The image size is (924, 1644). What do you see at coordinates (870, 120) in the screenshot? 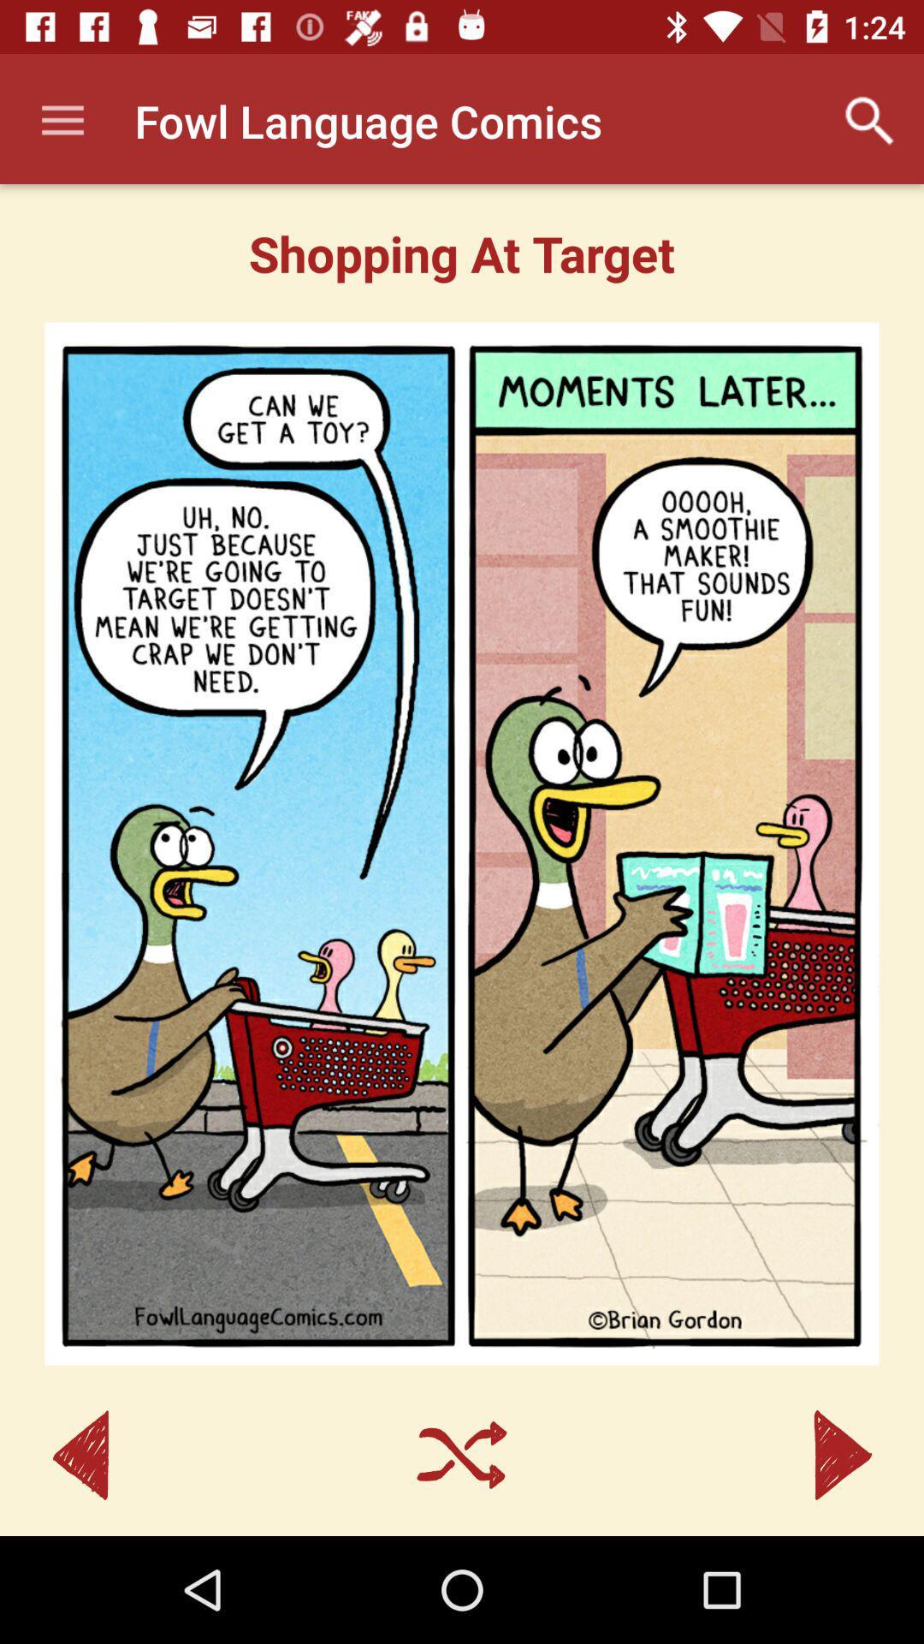
I see `icon next to the fowl language comics` at bounding box center [870, 120].